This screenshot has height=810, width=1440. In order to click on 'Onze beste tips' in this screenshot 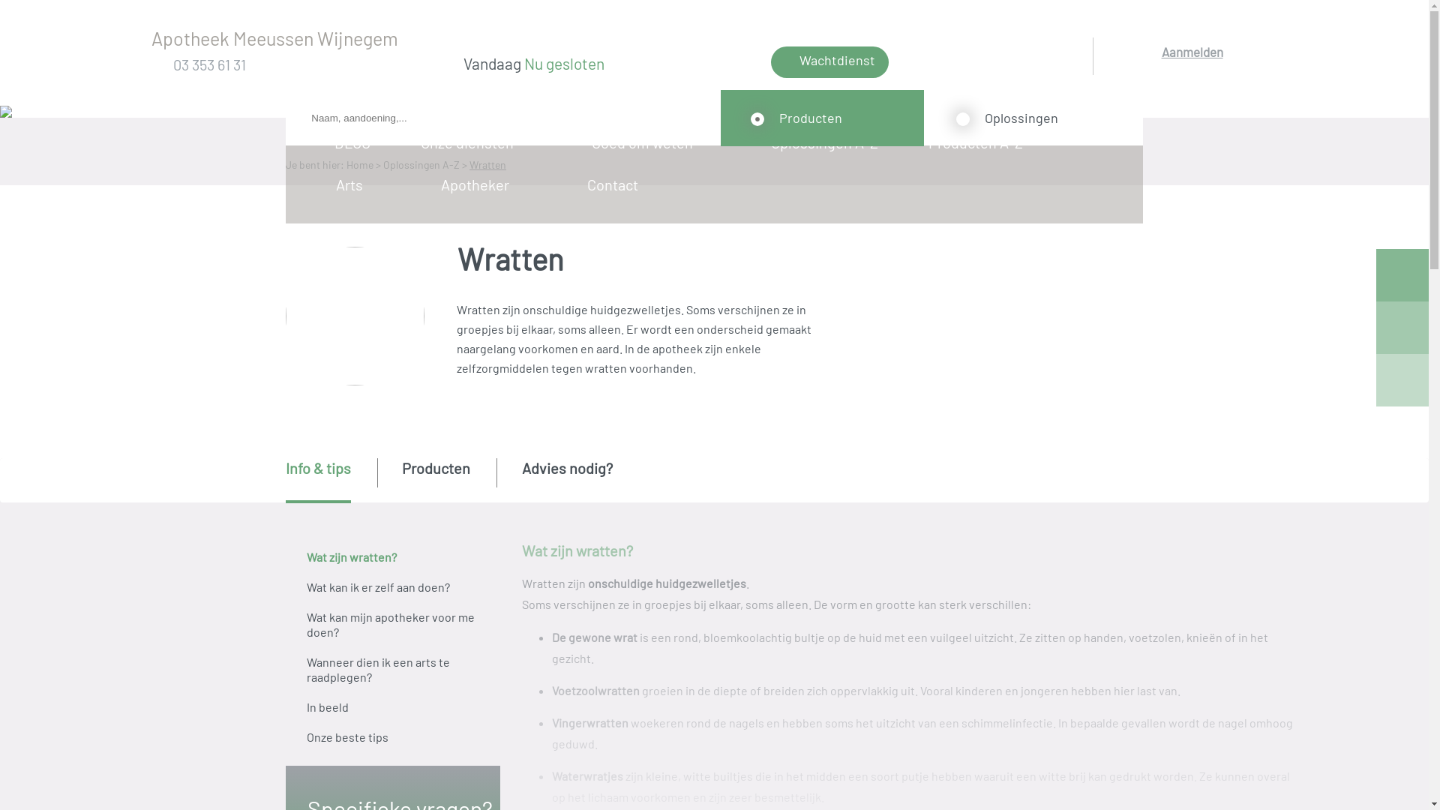, I will do `click(392, 736)`.